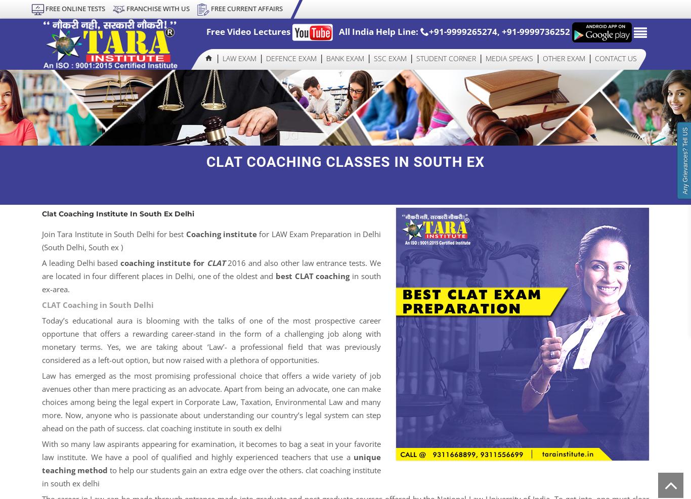  I want to click on 'Defence Exam', so click(291, 58).